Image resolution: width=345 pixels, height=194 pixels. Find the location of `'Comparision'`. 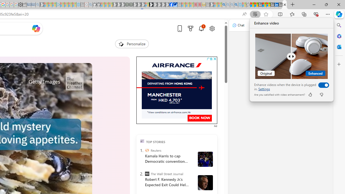

'Comparision' is located at coordinates (291, 56).